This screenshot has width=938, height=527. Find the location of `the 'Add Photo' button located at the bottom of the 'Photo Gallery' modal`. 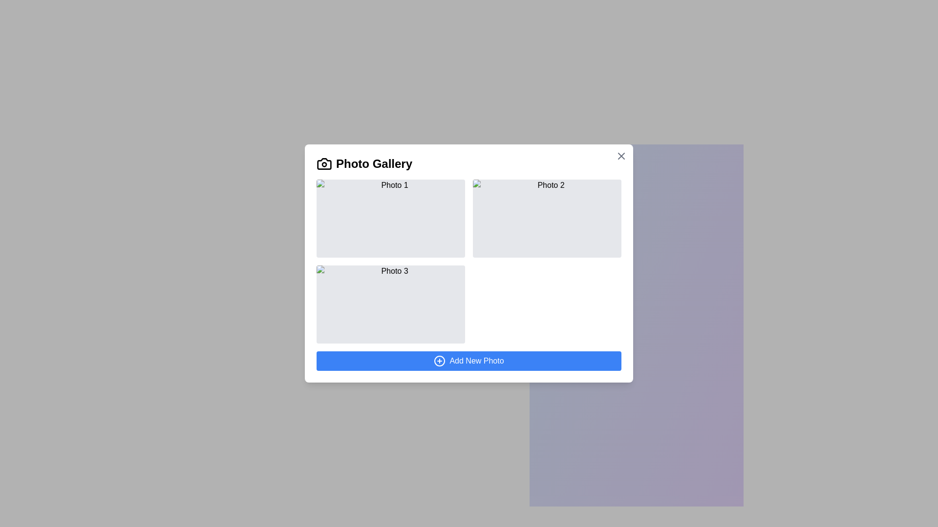

the 'Add Photo' button located at the bottom of the 'Photo Gallery' modal is located at coordinates (469, 361).